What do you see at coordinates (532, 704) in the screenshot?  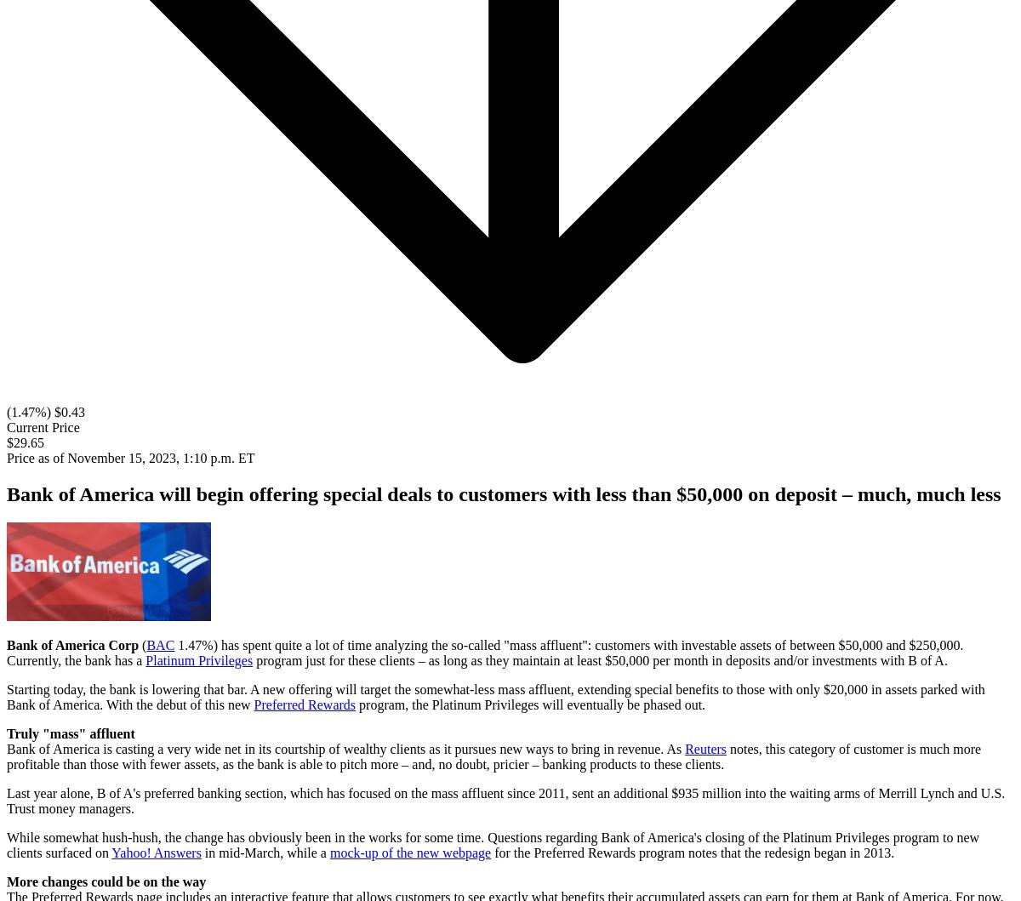 I see `'program, the Platinum Privileges will eventually be phased out.'` at bounding box center [532, 704].